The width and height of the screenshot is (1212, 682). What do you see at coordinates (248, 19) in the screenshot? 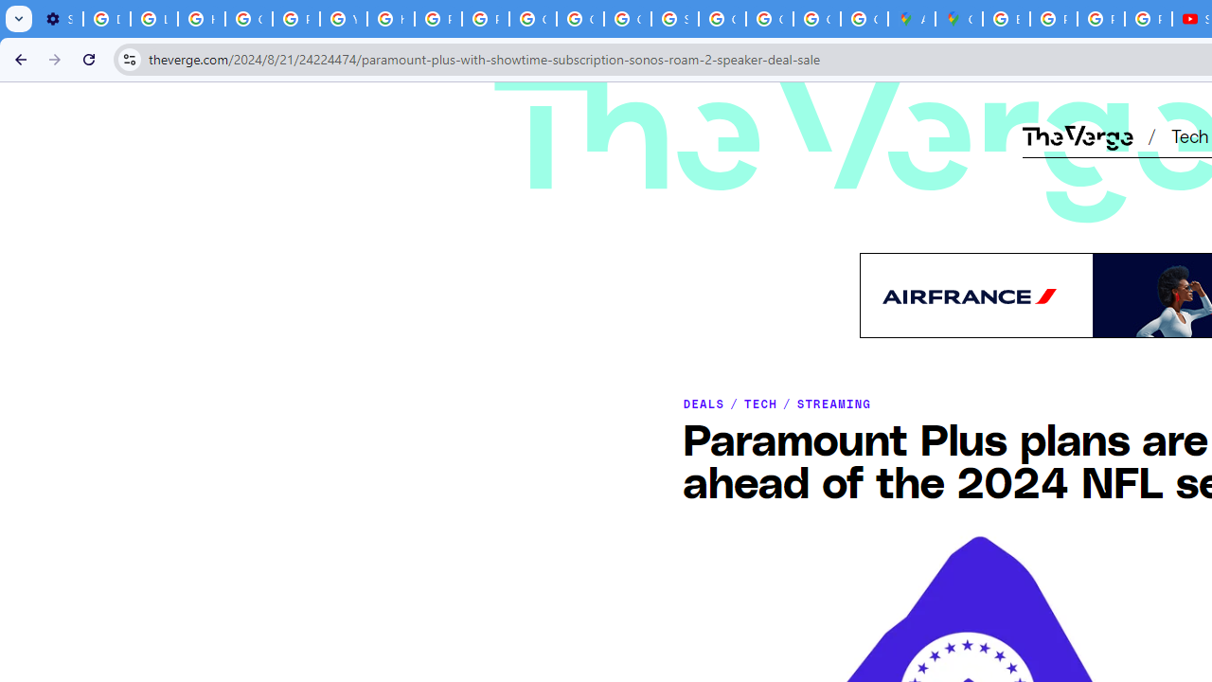
I see `'Google Account Help'` at bounding box center [248, 19].